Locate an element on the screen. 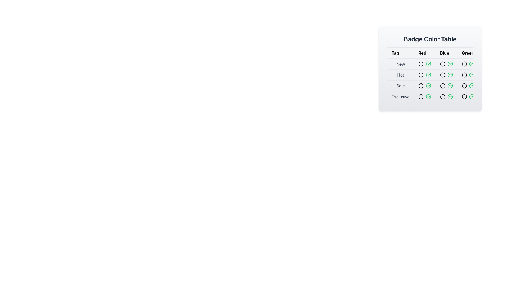 Image resolution: width=513 pixels, height=288 pixels. the composite visual indicator consisting of an empty circle and a checkmark icon located in the 'Blue' column under the 'Exclusive' row in the 'Badge Color Table.' is located at coordinates (446, 97).